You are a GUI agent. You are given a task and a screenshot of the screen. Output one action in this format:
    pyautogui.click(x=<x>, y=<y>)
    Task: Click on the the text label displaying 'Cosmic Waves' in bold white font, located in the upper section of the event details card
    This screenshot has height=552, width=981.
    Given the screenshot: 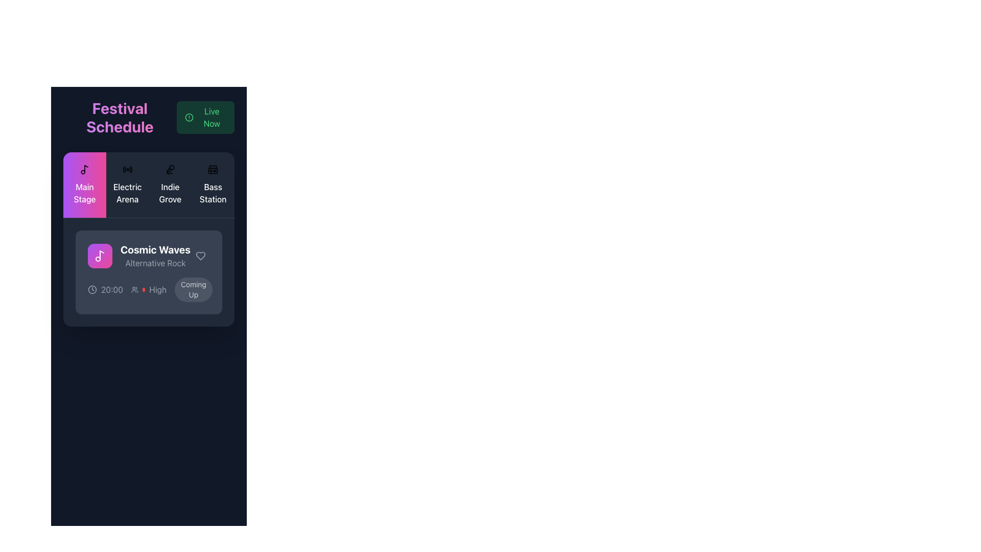 What is the action you would take?
    pyautogui.click(x=155, y=250)
    